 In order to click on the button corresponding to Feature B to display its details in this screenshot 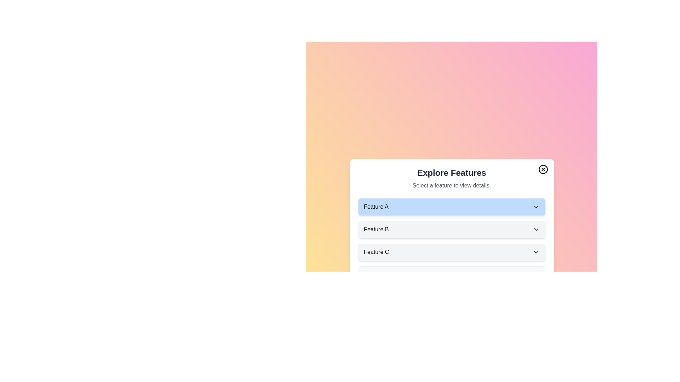, I will do `click(451, 229)`.